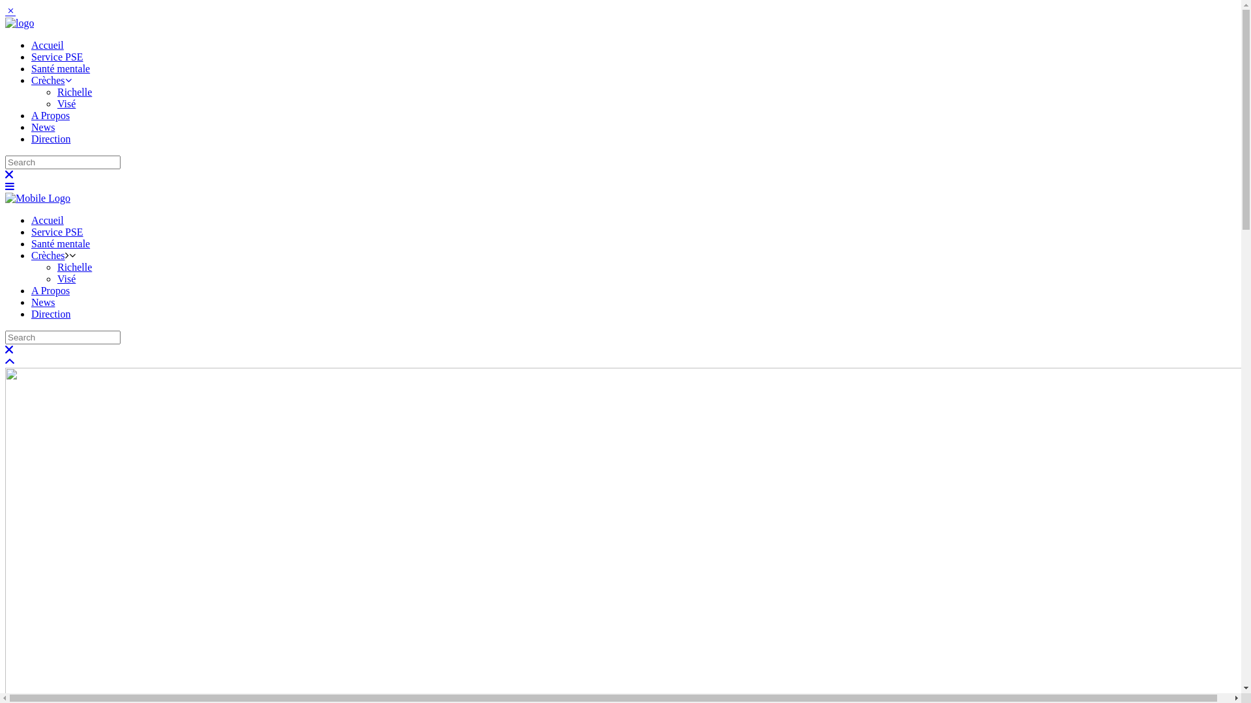  Describe the element at coordinates (31, 127) in the screenshot. I see `'News'` at that location.